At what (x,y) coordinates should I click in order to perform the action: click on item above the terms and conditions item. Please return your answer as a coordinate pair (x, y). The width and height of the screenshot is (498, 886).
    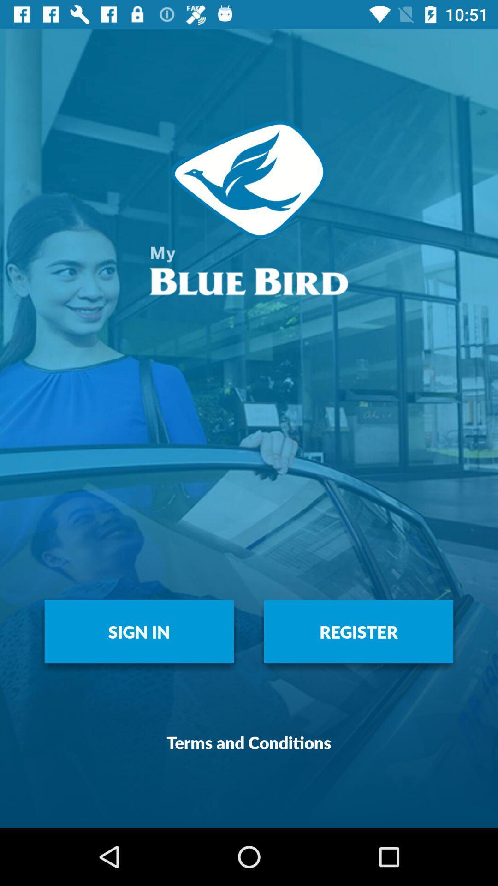
    Looking at the image, I should click on (358, 631).